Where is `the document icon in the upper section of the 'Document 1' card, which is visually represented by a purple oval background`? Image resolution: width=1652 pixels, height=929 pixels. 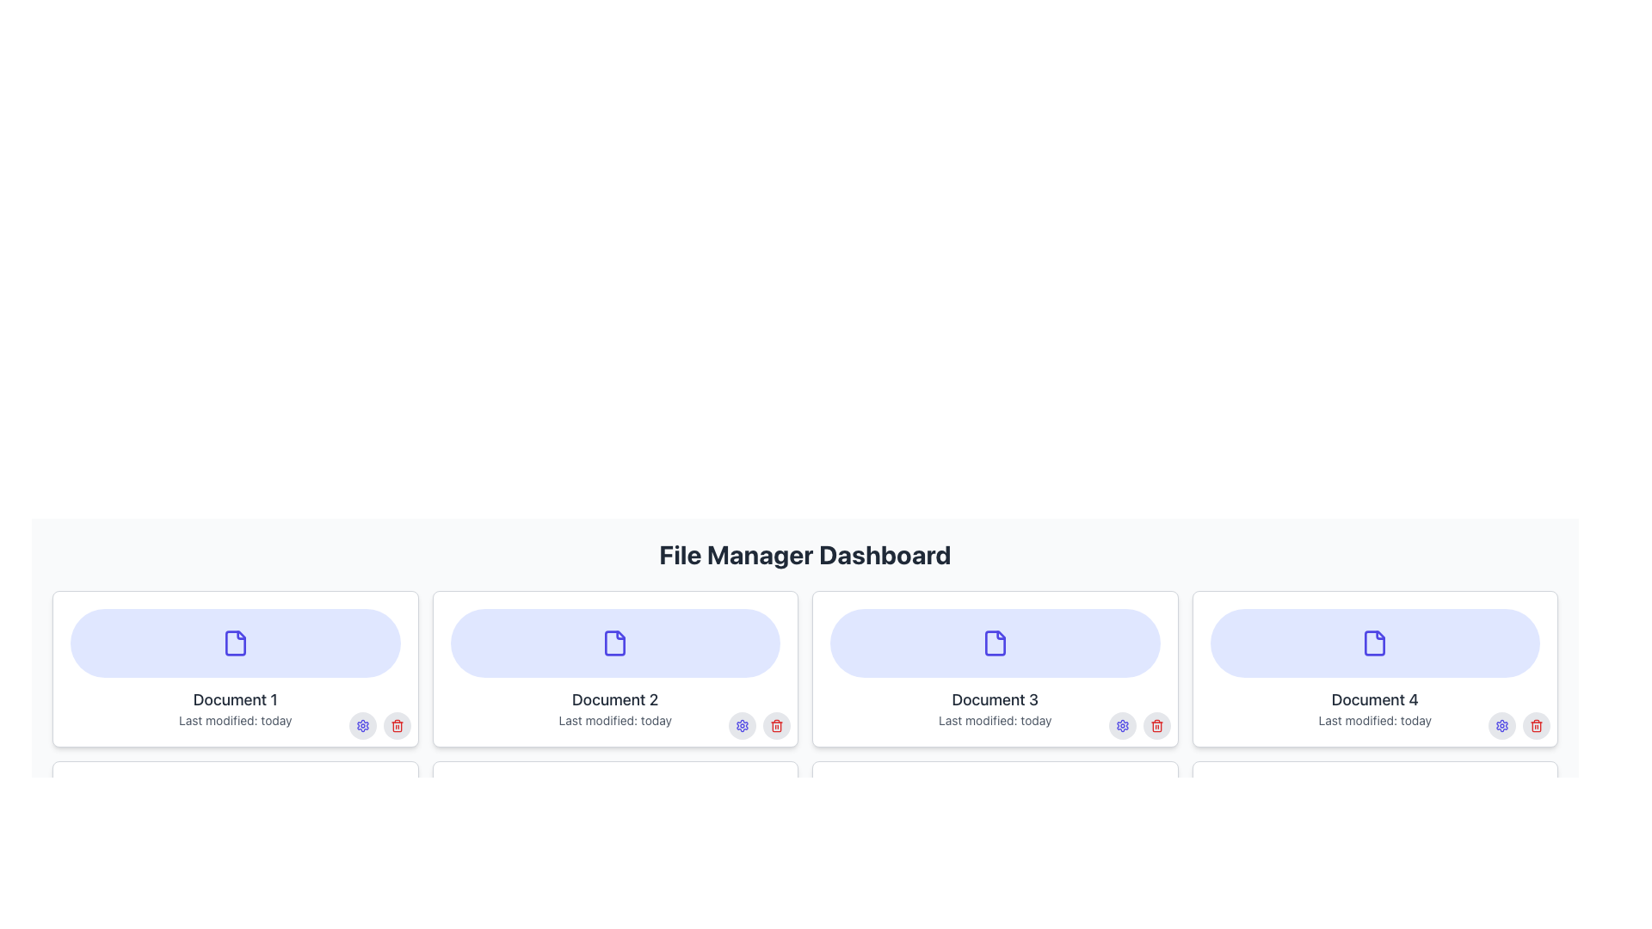
the document icon in the upper section of the 'Document 1' card, which is visually represented by a purple oval background is located at coordinates (234, 643).